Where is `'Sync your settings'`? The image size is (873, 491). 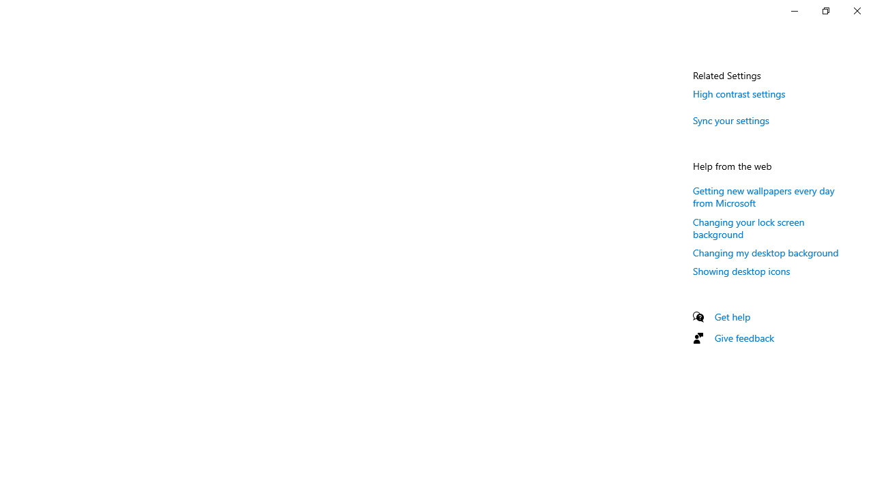
'Sync your settings' is located at coordinates (730, 119).